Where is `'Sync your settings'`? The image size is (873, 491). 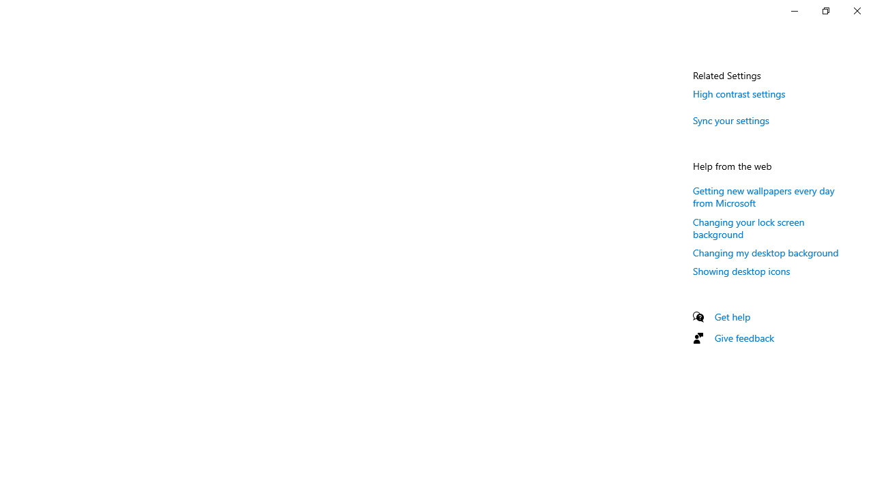
'Sync your settings' is located at coordinates (730, 119).